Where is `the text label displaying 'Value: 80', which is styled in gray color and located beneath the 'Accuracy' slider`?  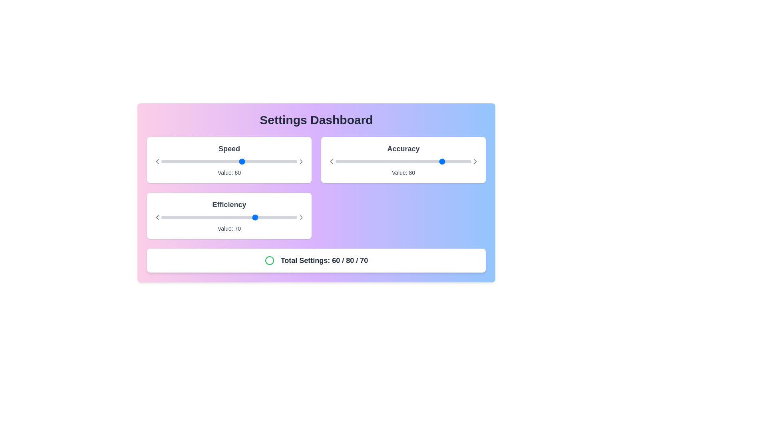
the text label displaying 'Value: 80', which is styled in gray color and located beneath the 'Accuracy' slider is located at coordinates (403, 172).